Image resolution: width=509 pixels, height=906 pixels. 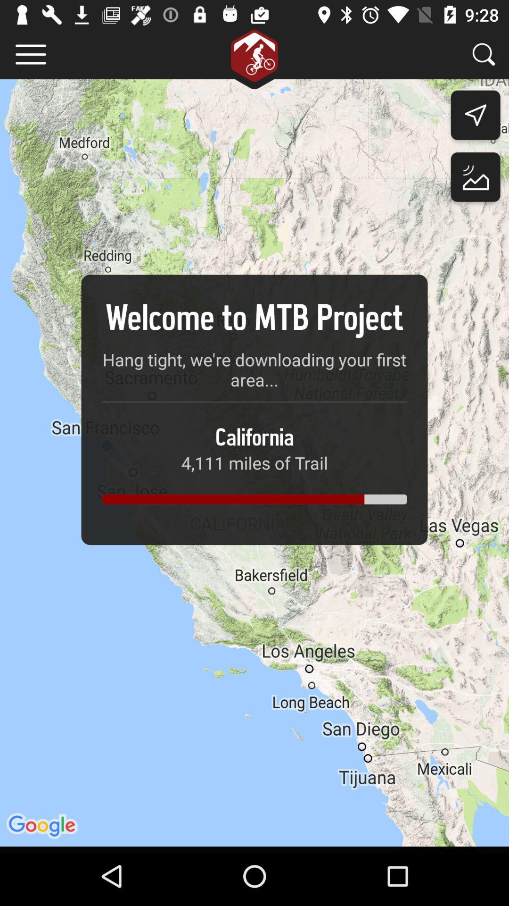 What do you see at coordinates (484, 54) in the screenshot?
I see `search button` at bounding box center [484, 54].